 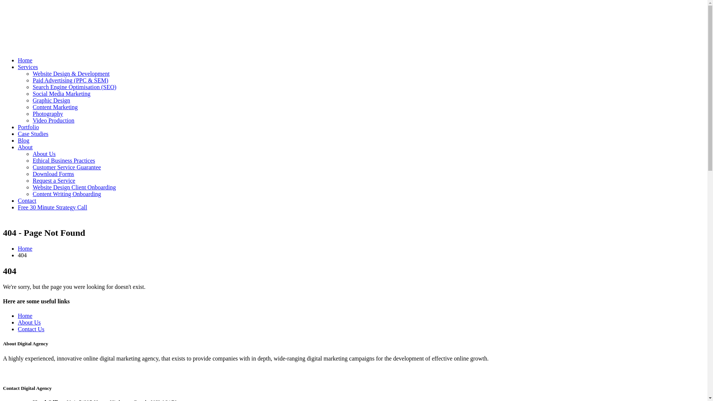 I want to click on 'Home', so click(x=25, y=316).